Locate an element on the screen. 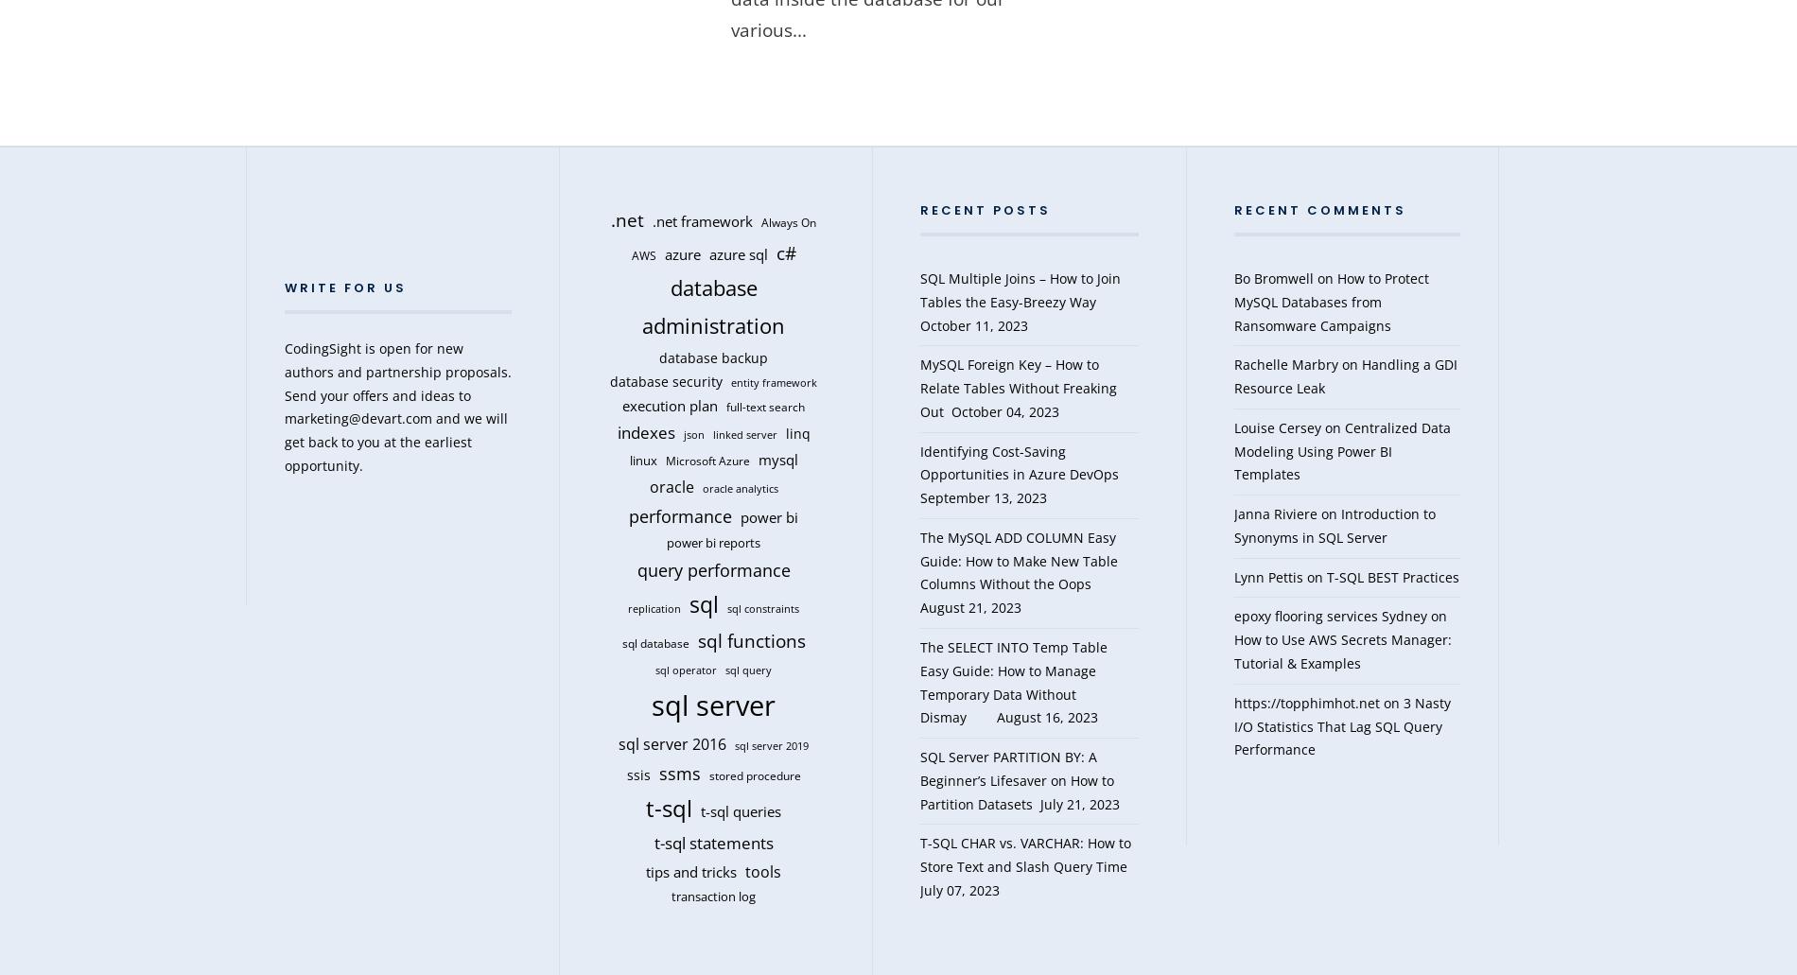 The width and height of the screenshot is (1797, 975). 'The MySQL ADD COLUMN Easy Guide: How to Make New Table Columns Without the Oops' is located at coordinates (1019, 559).